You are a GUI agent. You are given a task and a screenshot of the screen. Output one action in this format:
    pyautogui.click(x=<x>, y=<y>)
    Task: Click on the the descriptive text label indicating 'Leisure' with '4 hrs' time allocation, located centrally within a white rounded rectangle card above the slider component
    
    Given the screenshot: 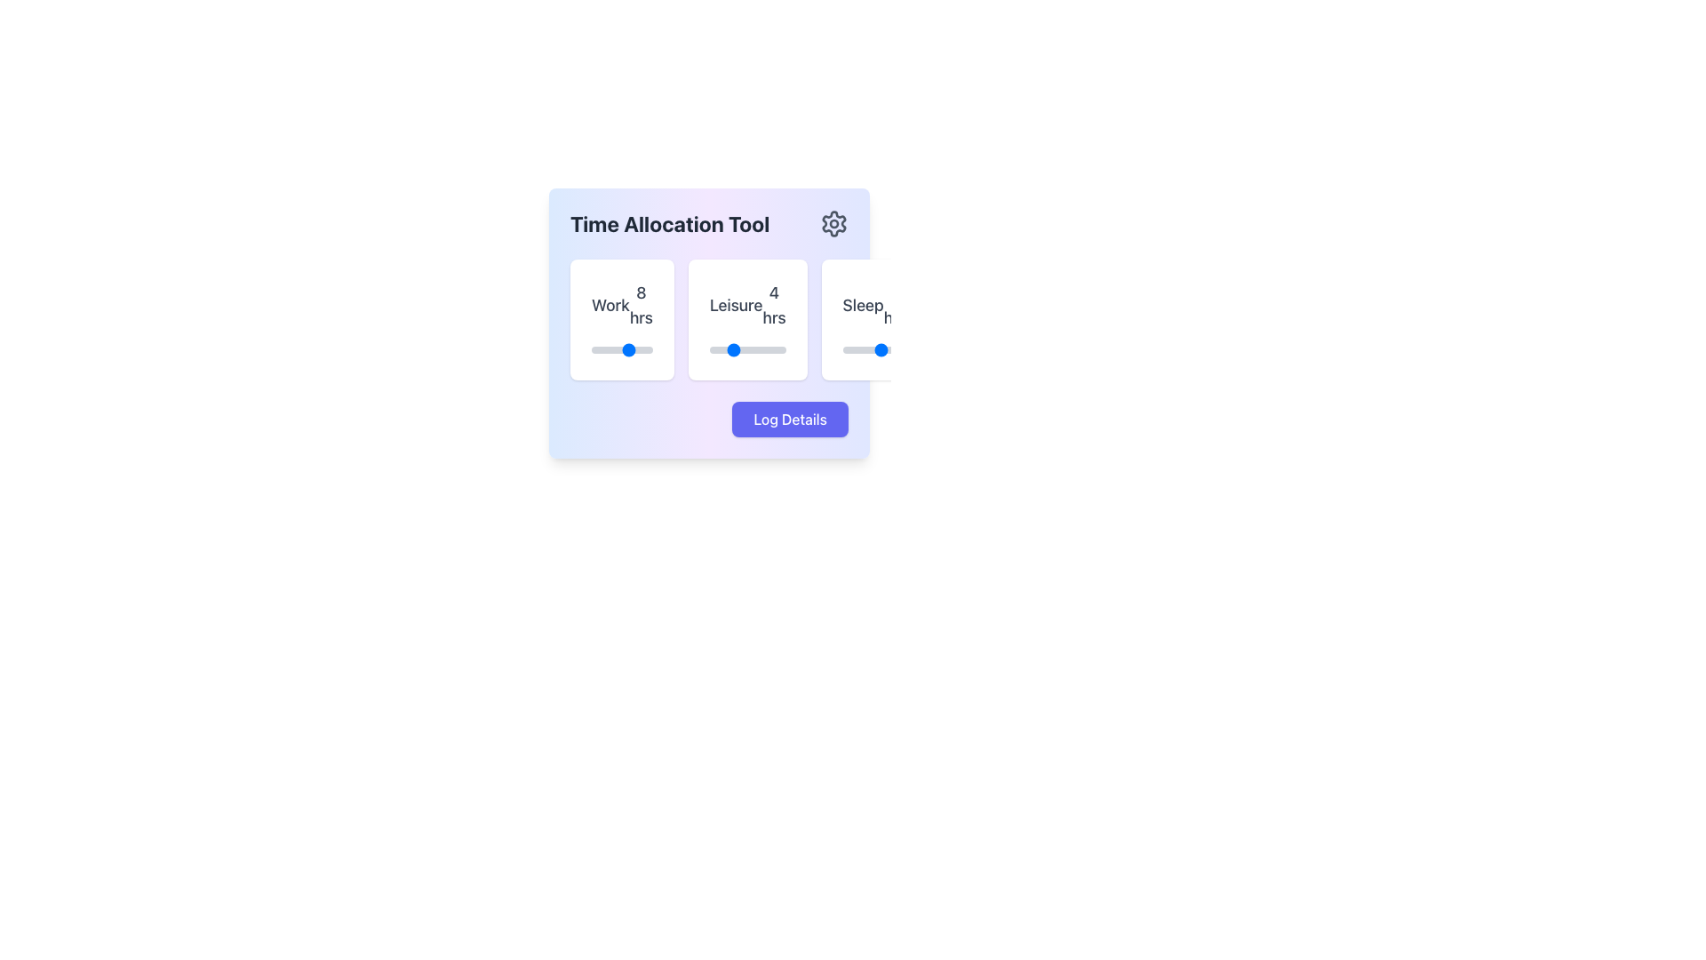 What is the action you would take?
    pyautogui.click(x=747, y=304)
    